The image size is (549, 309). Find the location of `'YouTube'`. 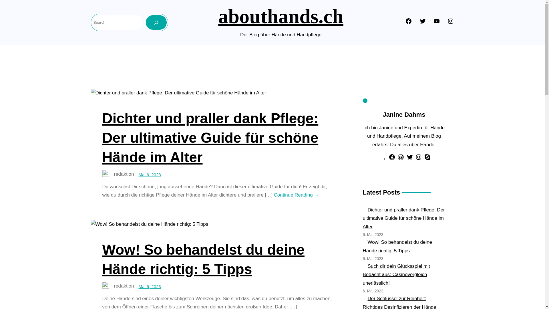

'YouTube' is located at coordinates (436, 23).